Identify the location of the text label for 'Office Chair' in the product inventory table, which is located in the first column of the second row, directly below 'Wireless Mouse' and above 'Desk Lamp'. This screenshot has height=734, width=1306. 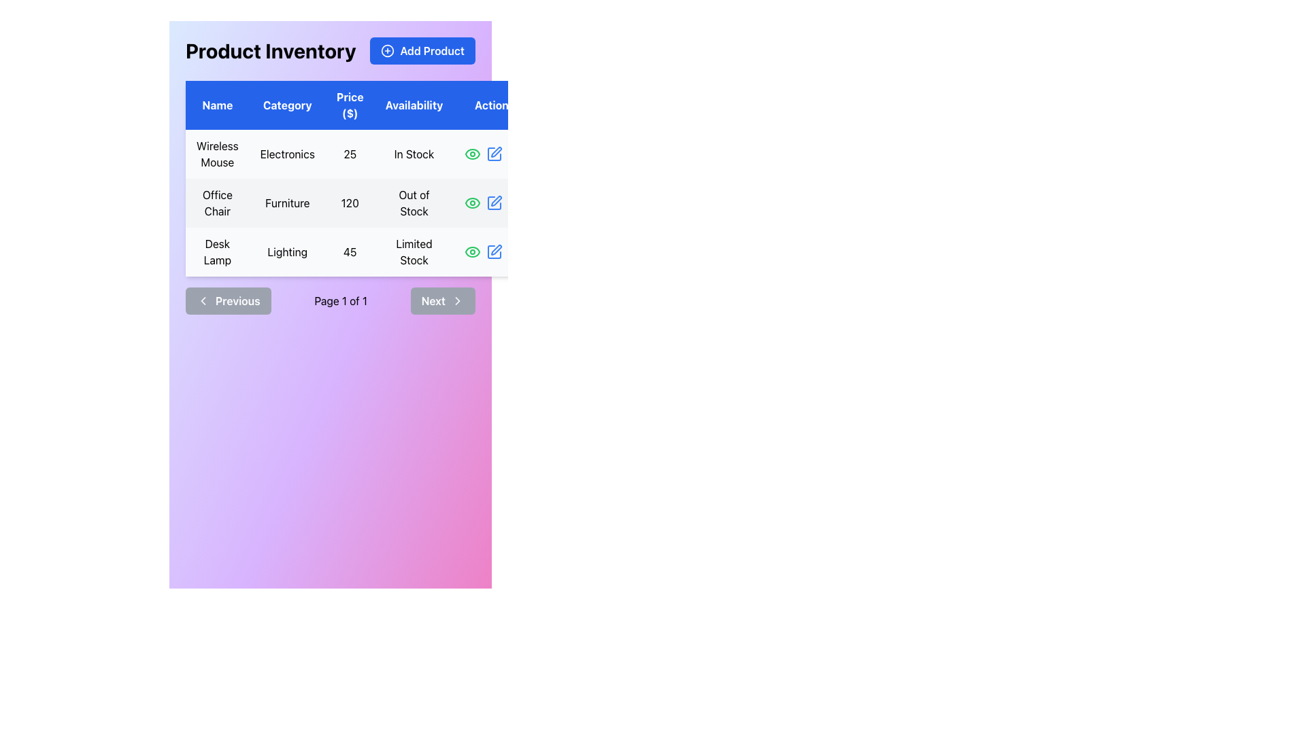
(216, 203).